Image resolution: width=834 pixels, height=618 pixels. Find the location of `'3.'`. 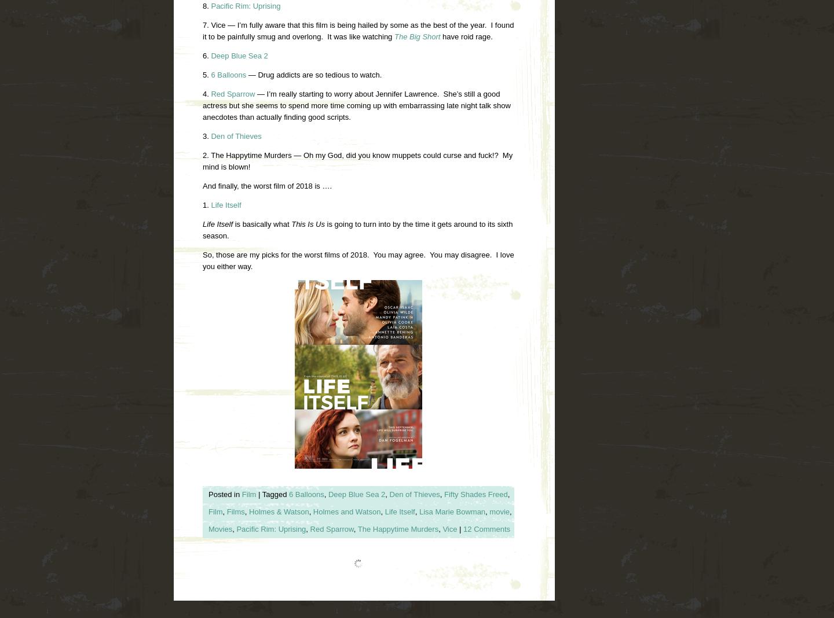

'3.' is located at coordinates (206, 135).